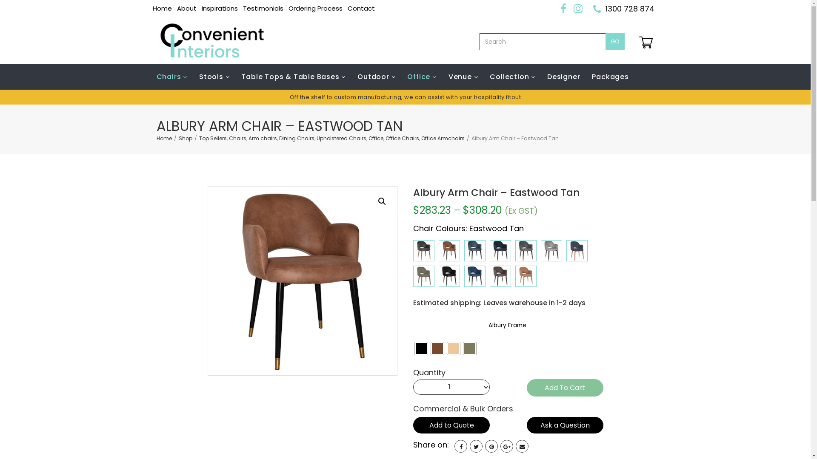 The height and width of the screenshot is (459, 817). What do you see at coordinates (424, 276) in the screenshot?
I see `'Albury Arm Chair - Pelle Sage'` at bounding box center [424, 276].